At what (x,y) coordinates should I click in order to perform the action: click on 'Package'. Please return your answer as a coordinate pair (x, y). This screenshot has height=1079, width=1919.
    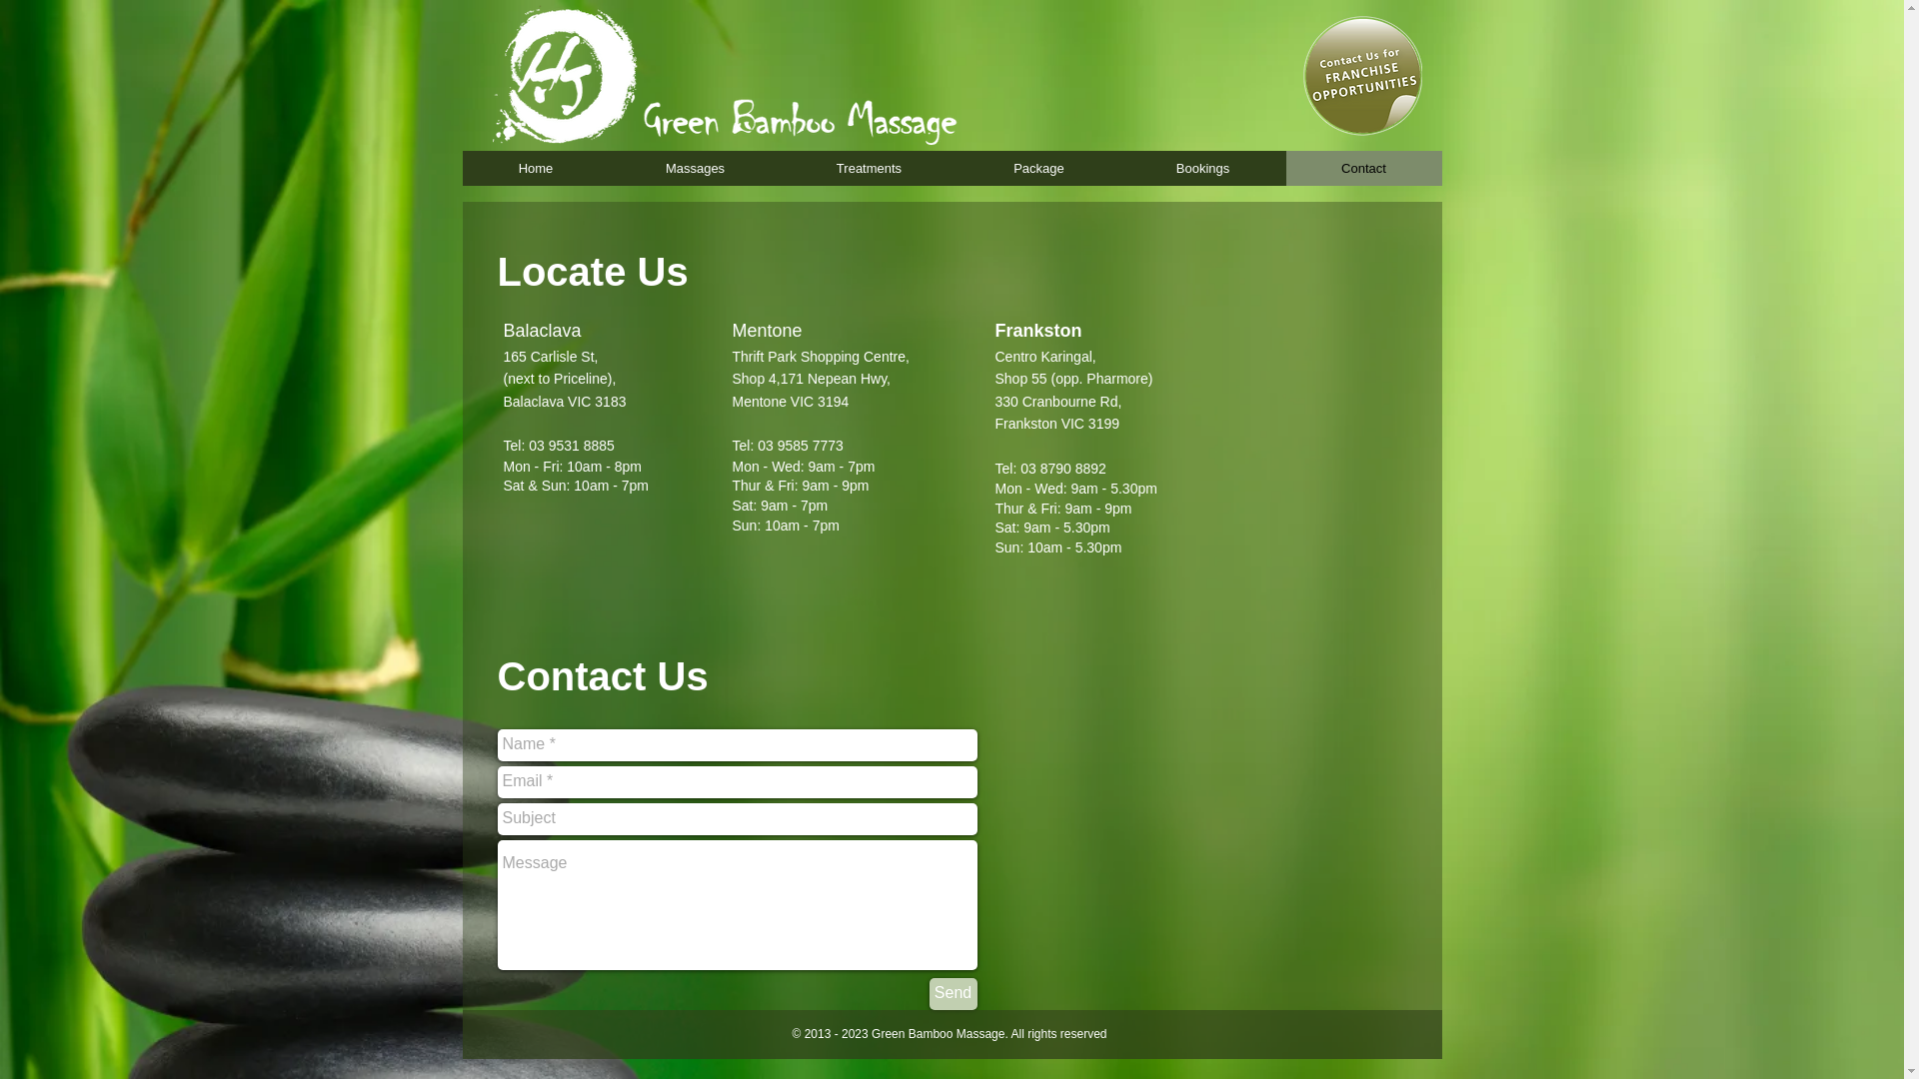
    Looking at the image, I should click on (1038, 167).